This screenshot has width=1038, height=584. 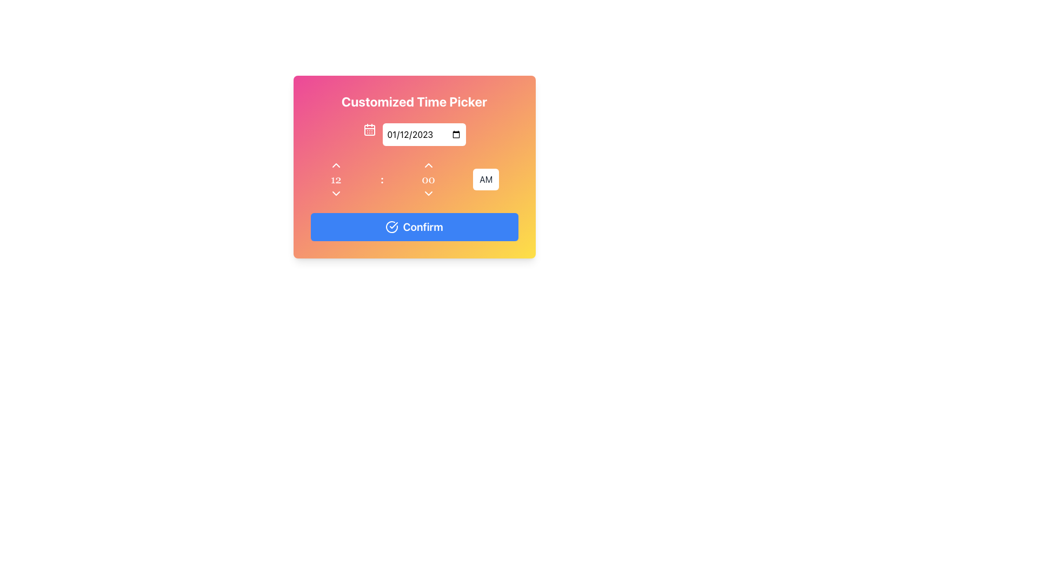 I want to click on the icon associated with the 'Confirm' button, which is positioned to the left of the text and centered vertically, so click(x=391, y=227).